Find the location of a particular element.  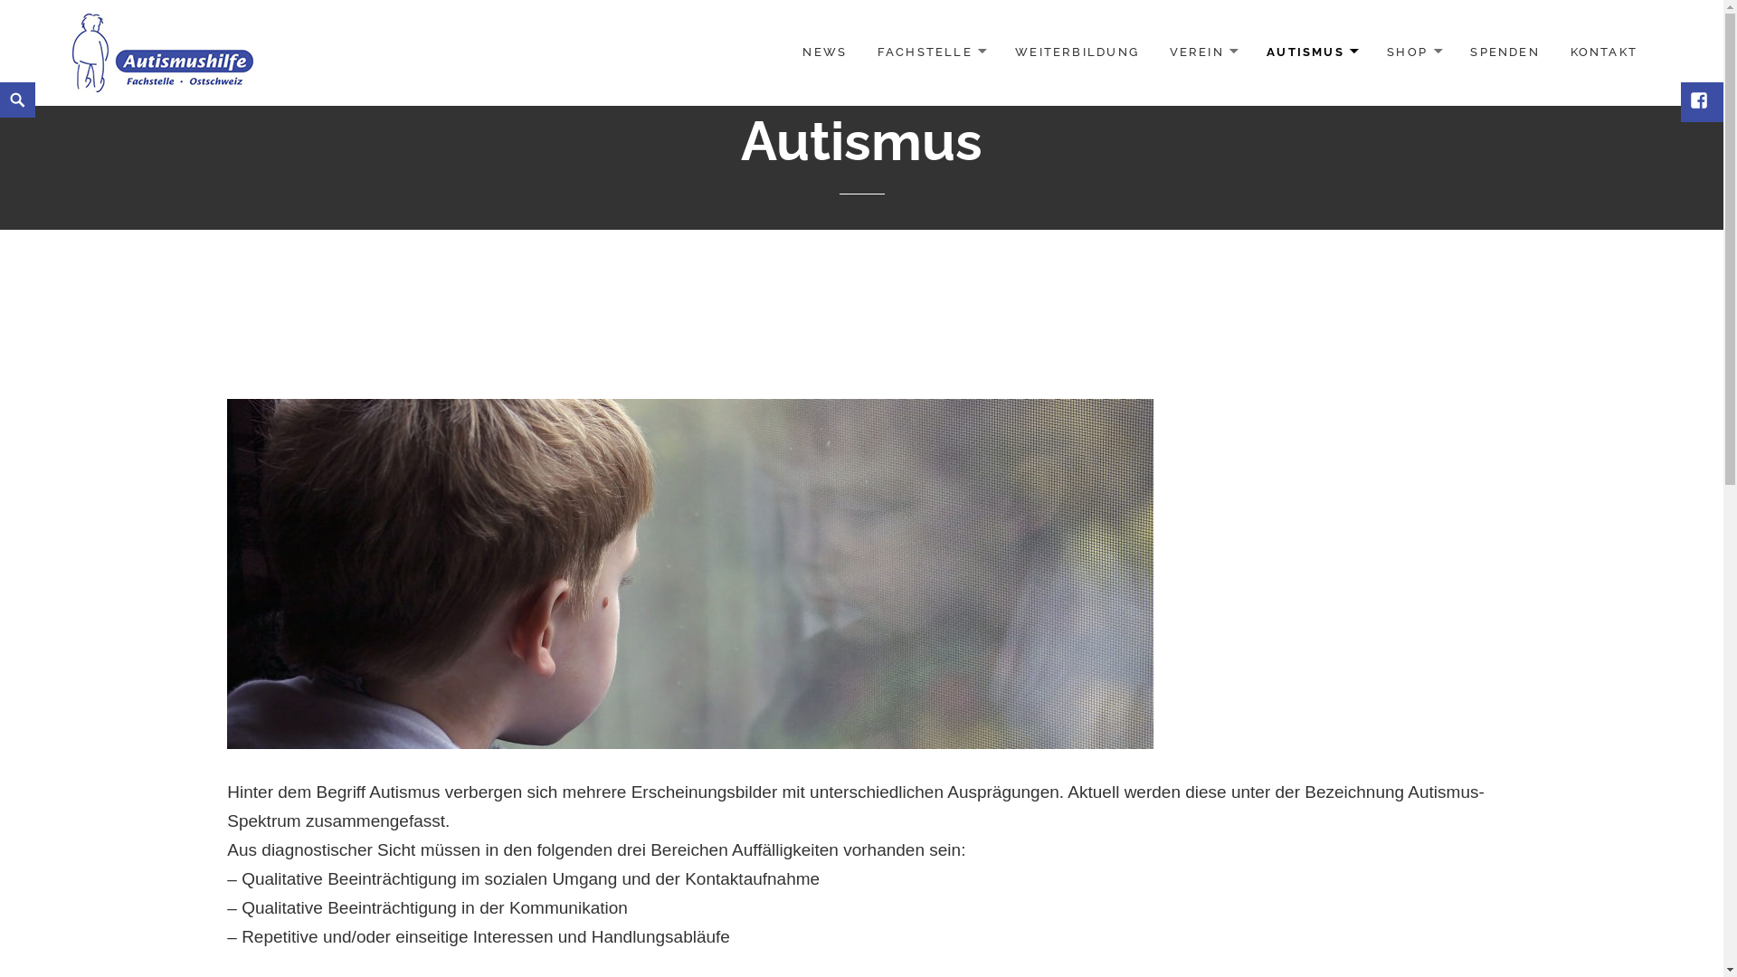

'Search' is located at coordinates (4, 81).